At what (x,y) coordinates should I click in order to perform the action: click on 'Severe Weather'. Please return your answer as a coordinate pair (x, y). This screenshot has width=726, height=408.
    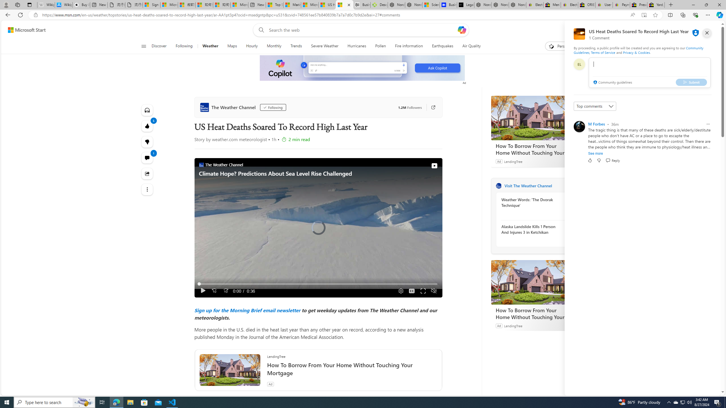
    Looking at the image, I should click on (325, 46).